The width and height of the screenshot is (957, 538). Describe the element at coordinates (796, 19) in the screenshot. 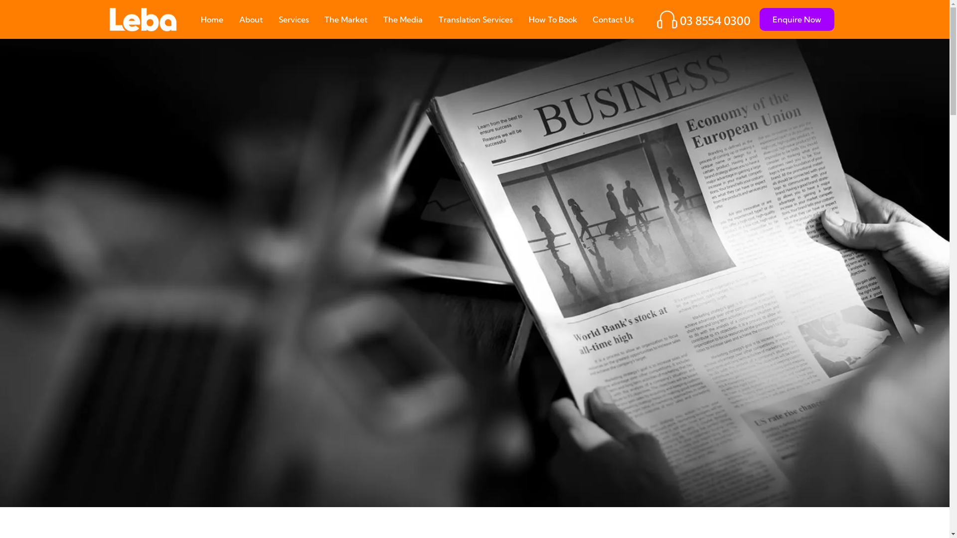

I see `'Enquire Now'` at that location.